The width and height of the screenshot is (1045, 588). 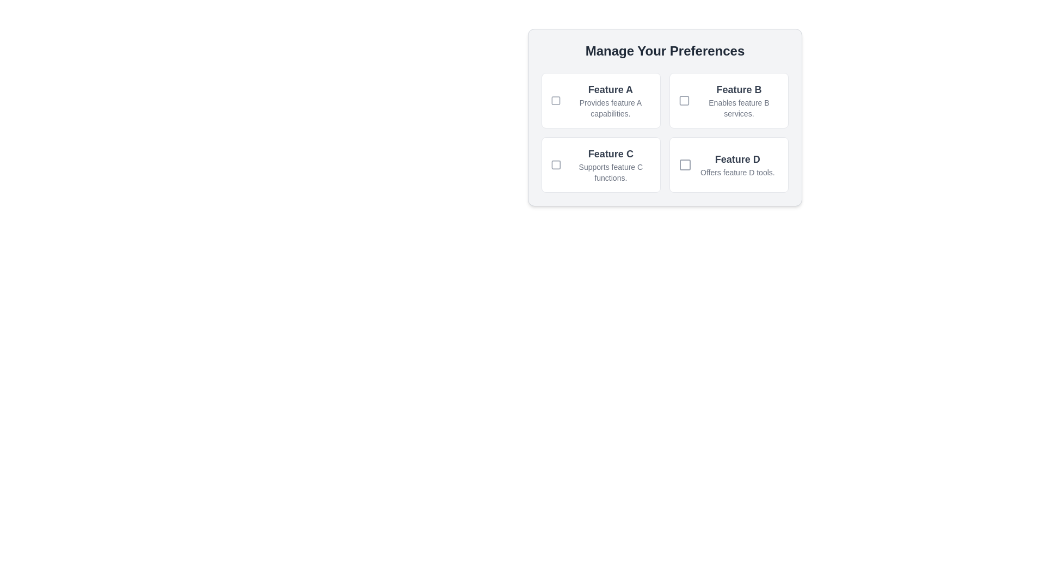 What do you see at coordinates (739, 89) in the screenshot?
I see `the Text label that serves as a title or heading for the feature description in the preference selection interface, located in the upper-right quadrant of the layout` at bounding box center [739, 89].